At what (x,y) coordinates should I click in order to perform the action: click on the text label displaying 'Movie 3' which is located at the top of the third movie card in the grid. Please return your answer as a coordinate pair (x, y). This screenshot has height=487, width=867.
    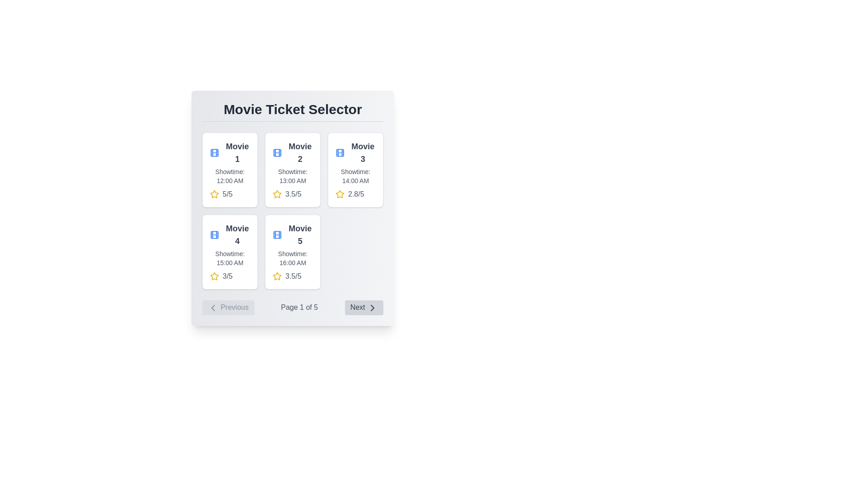
    Looking at the image, I should click on (363, 152).